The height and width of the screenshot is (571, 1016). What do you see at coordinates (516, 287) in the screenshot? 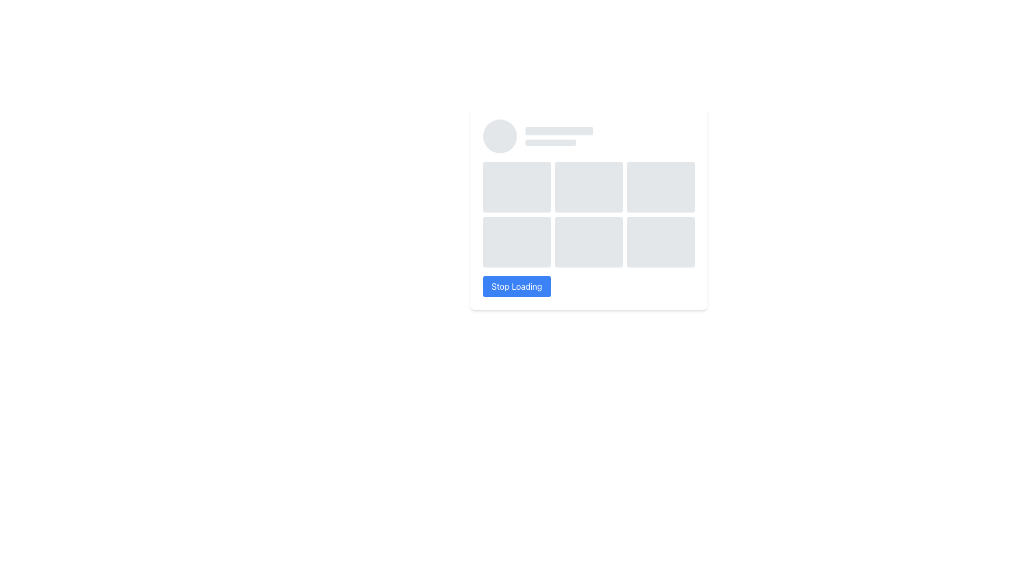
I see `the 'Stop Loading' button, which is a rectangular button with a blue background and white text, located in the lower section of the interface` at bounding box center [516, 287].